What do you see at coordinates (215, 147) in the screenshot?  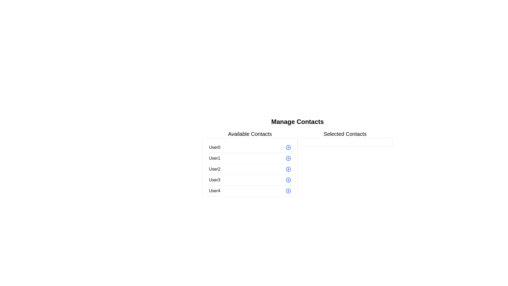 I see `the text label displaying 'User0' located in the 'Available Contacts' section, which is the first entry in the list and positioned to the left of the '+' button` at bounding box center [215, 147].